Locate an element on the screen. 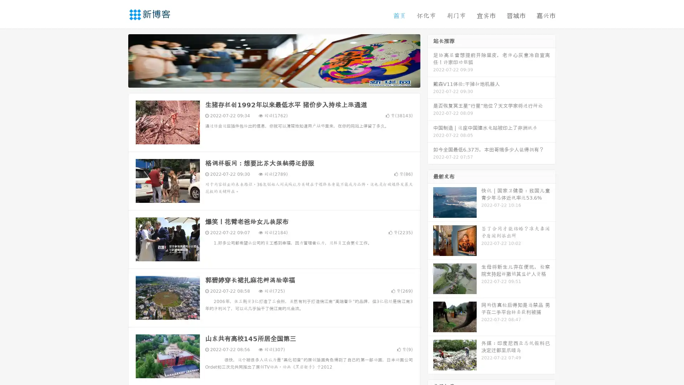 The width and height of the screenshot is (684, 385). Go to slide 3 is located at coordinates (281, 80).